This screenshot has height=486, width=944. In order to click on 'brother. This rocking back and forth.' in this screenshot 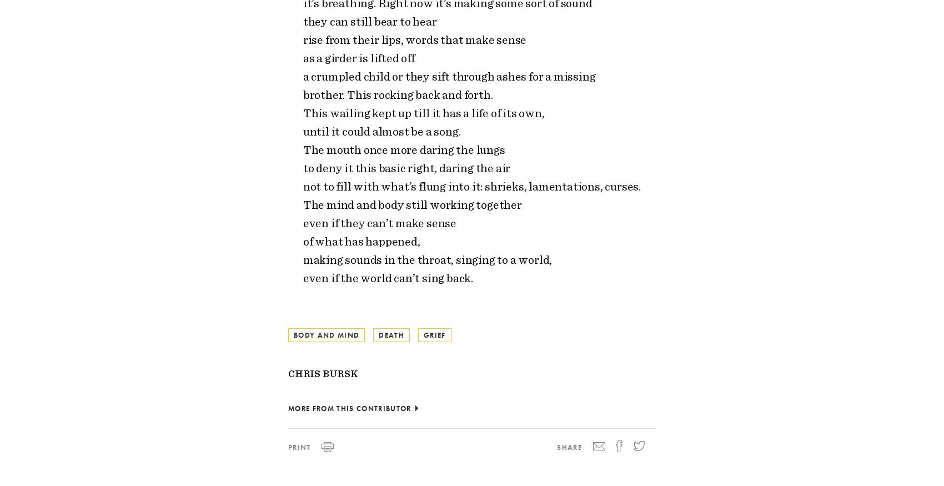, I will do `click(398, 94)`.